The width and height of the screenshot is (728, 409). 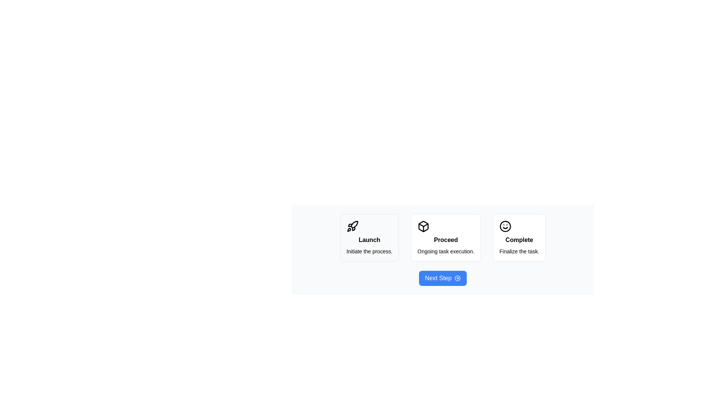 I want to click on the vector graphic icon located at the top of the 'Launch' card, so click(x=369, y=226).